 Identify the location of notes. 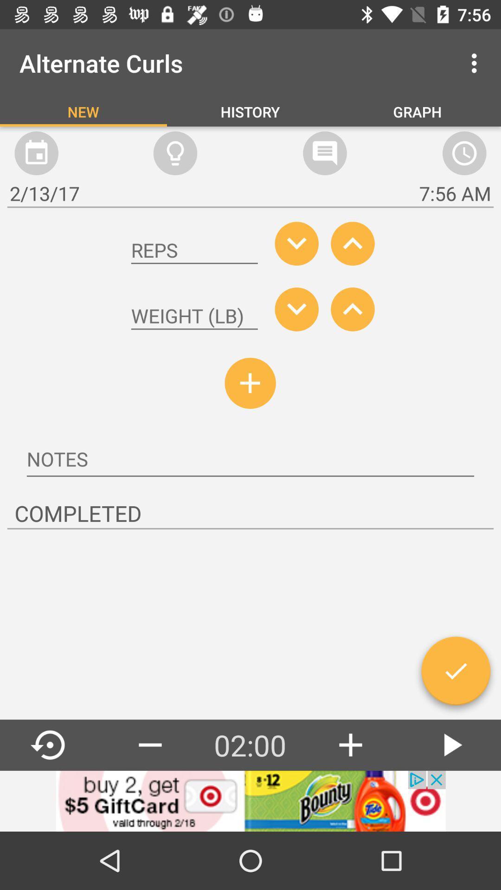
(250, 460).